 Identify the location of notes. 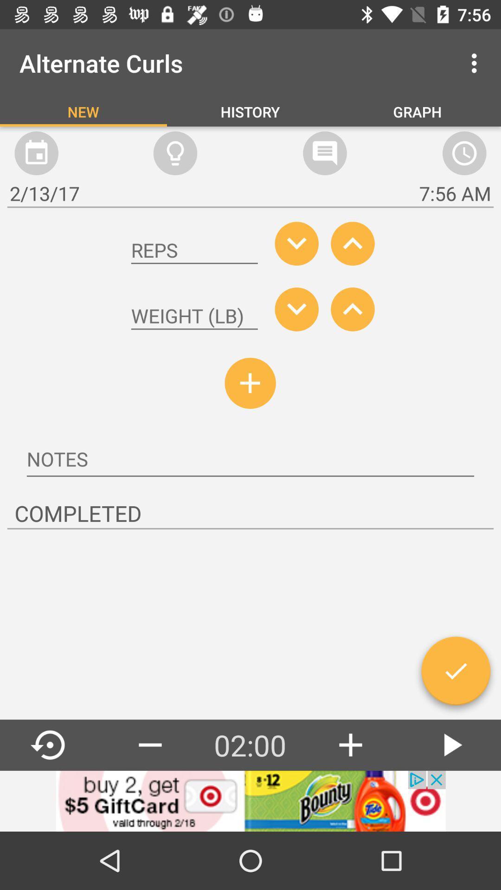
(250, 460).